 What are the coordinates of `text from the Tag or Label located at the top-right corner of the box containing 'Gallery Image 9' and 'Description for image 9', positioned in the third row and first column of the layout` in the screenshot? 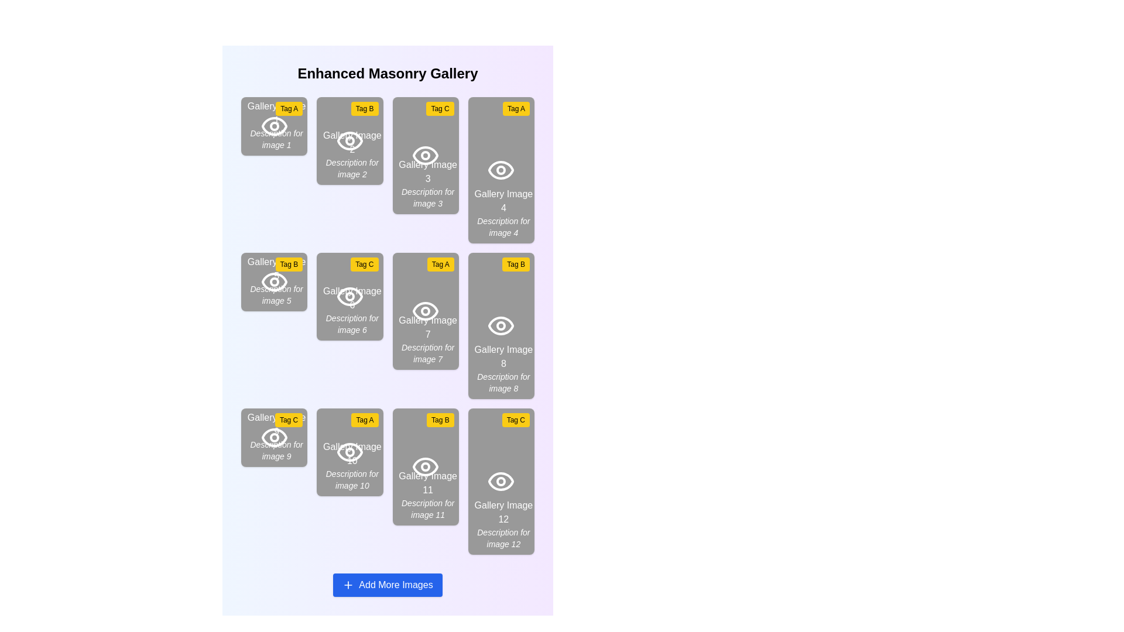 It's located at (289, 419).